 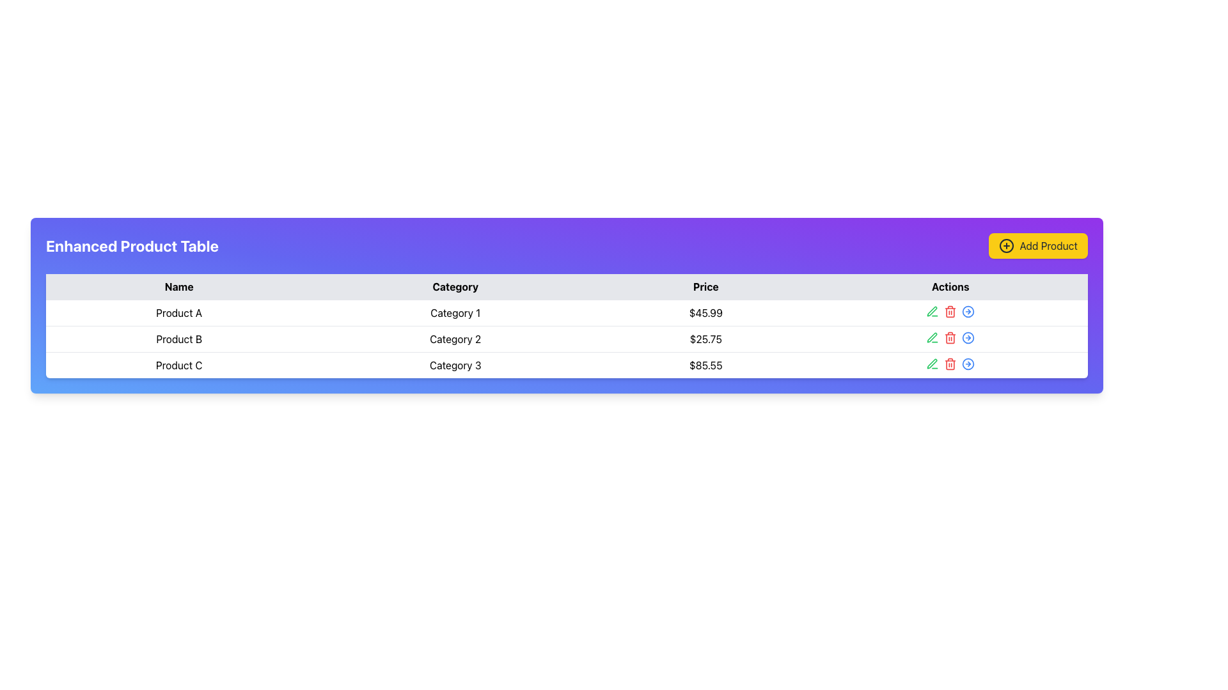 I want to click on the 'Category 3' text element, which is located in the third row of the table under the 'Category' column, positioned between 'Product C' and '$85.55', so click(x=455, y=365).